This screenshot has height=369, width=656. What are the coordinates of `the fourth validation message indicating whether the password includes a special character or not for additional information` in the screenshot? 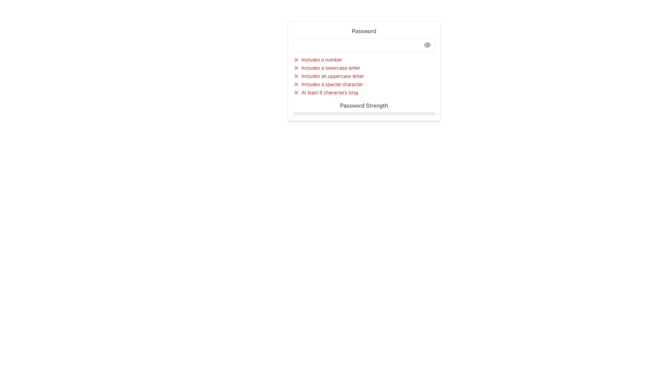 It's located at (364, 84).